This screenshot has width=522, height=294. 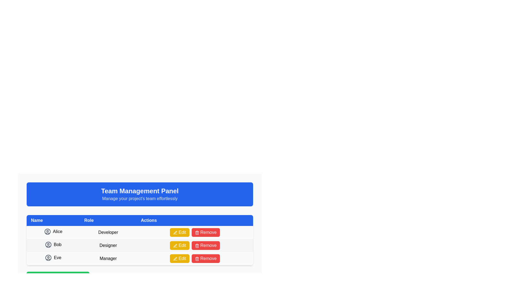 I want to click on the decorative icon that signifies the editing function for 'Bob's details', located to the left of the 'Edit' text in the yellow button in the 'Actions' column of the second row of the table, so click(x=175, y=246).